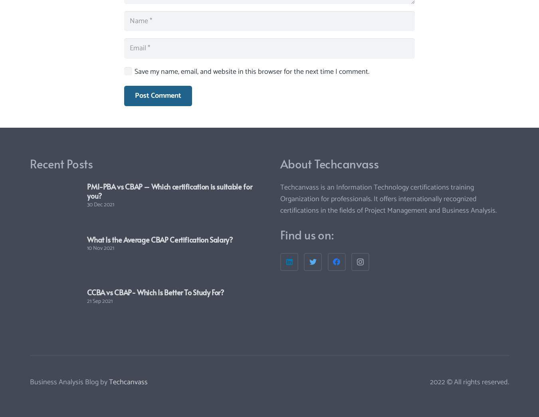  Describe the element at coordinates (323, 231) in the screenshot. I see `'Facebook'` at that location.